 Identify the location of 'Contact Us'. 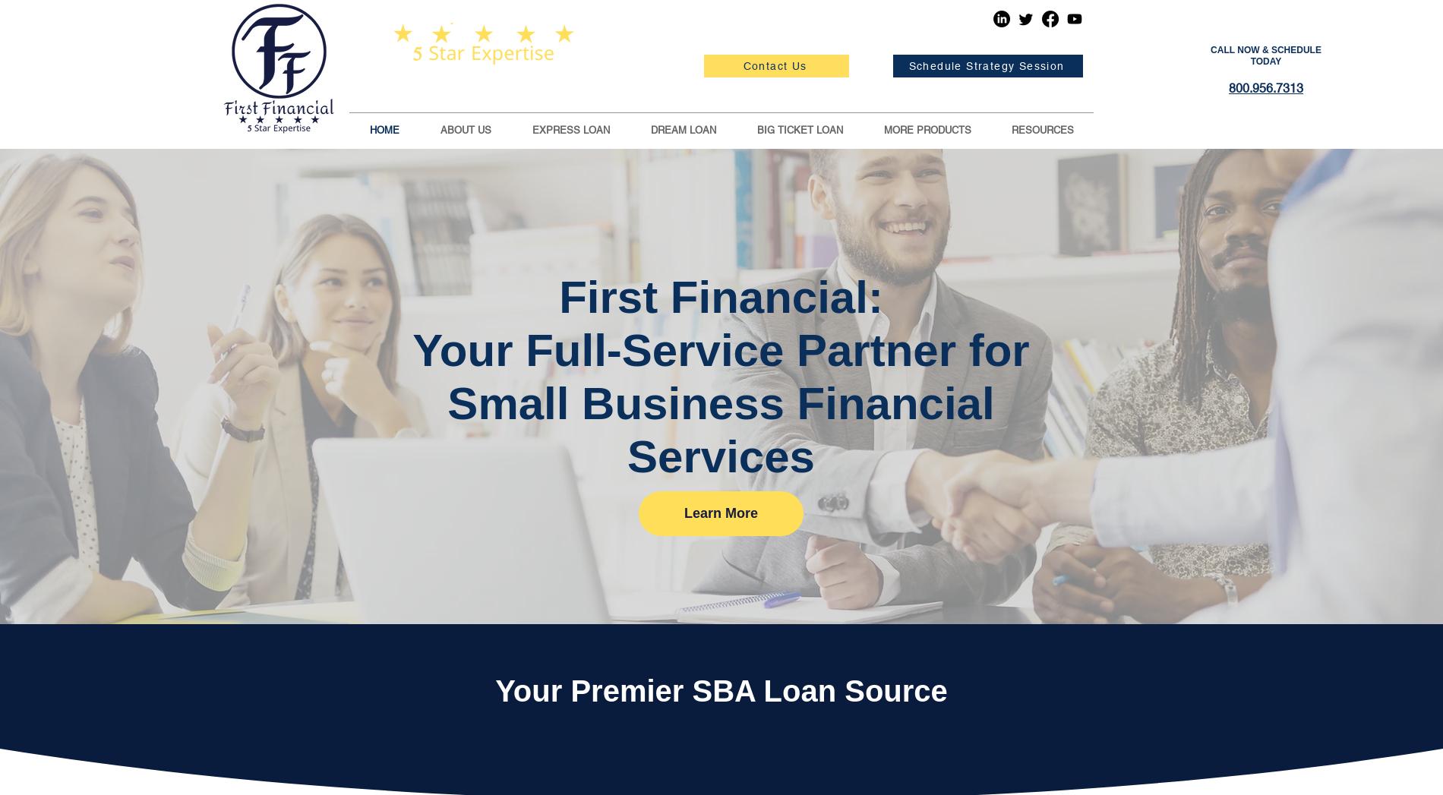
(774, 66).